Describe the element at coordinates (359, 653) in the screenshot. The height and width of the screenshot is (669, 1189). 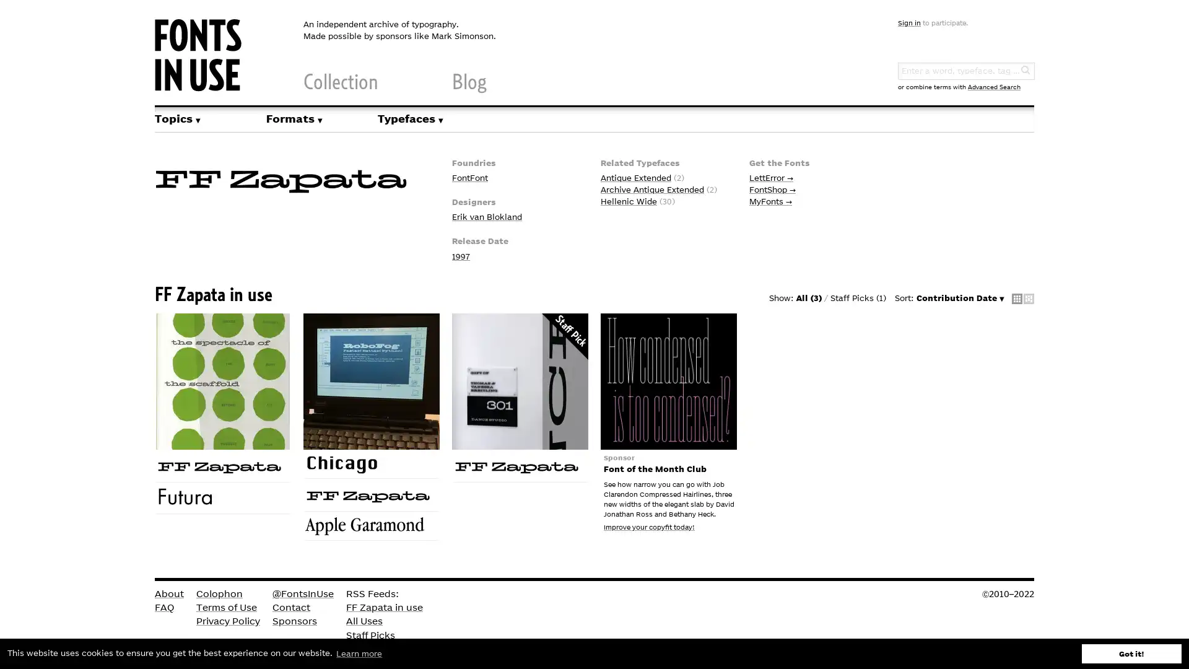
I see `learn more about cookies` at that location.